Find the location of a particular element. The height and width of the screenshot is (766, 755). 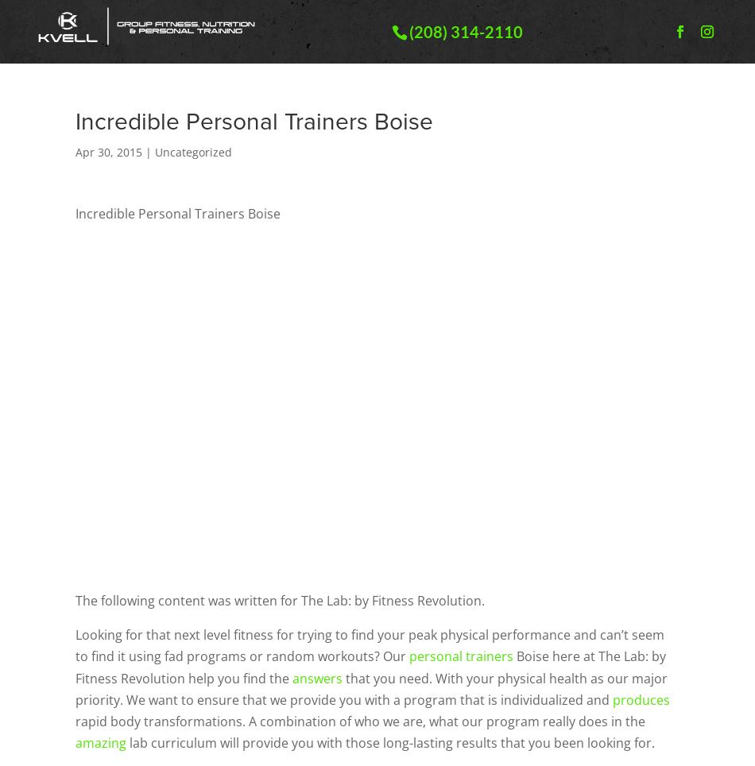

'rapid body transformations. A combination of who we are, what our program really does in the' is located at coordinates (75, 720).